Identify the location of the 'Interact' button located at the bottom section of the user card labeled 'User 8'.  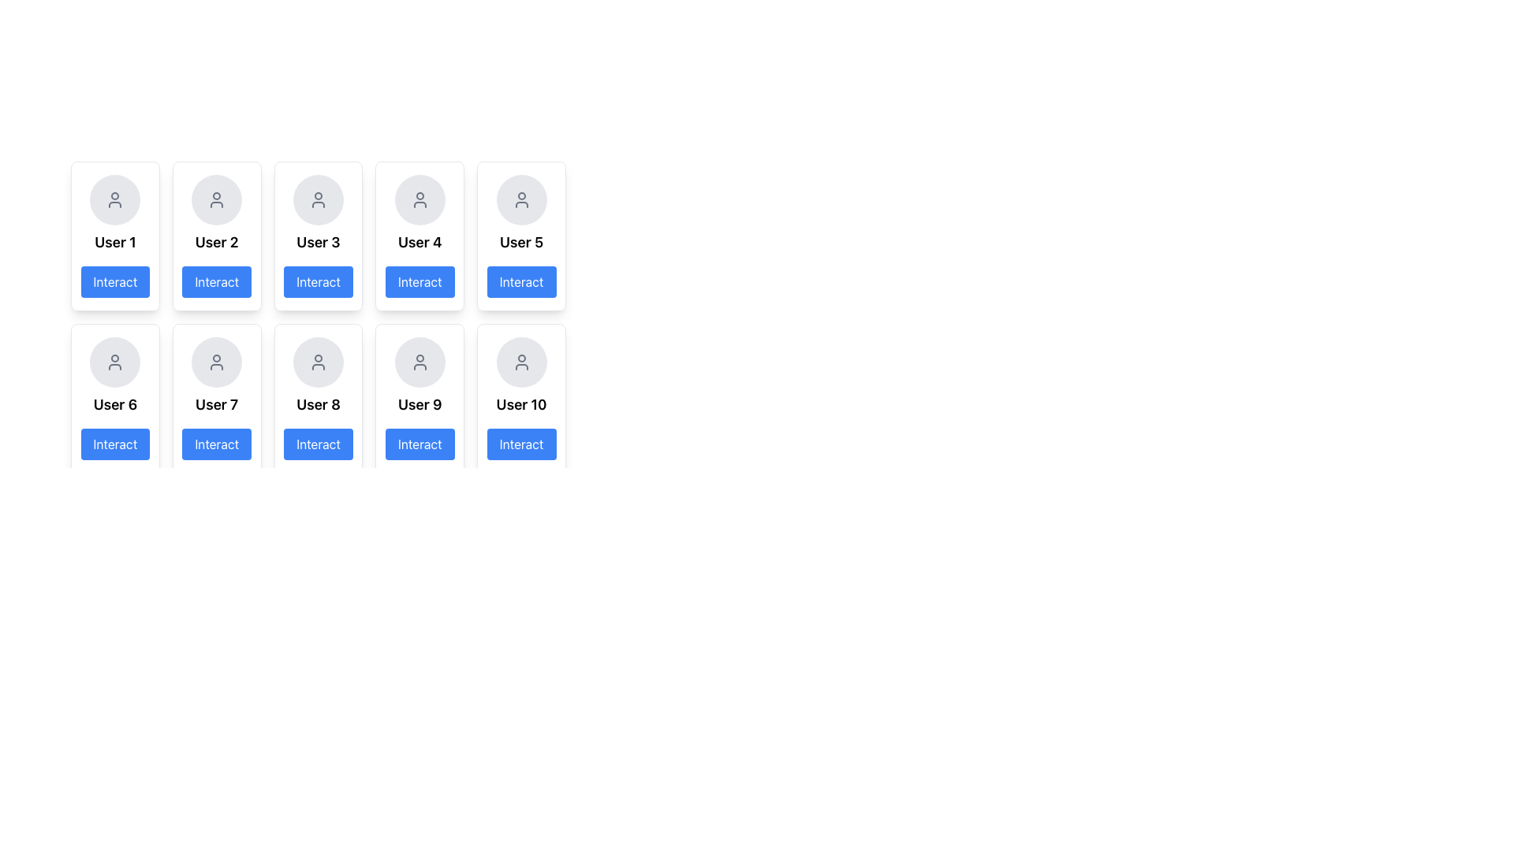
(317, 444).